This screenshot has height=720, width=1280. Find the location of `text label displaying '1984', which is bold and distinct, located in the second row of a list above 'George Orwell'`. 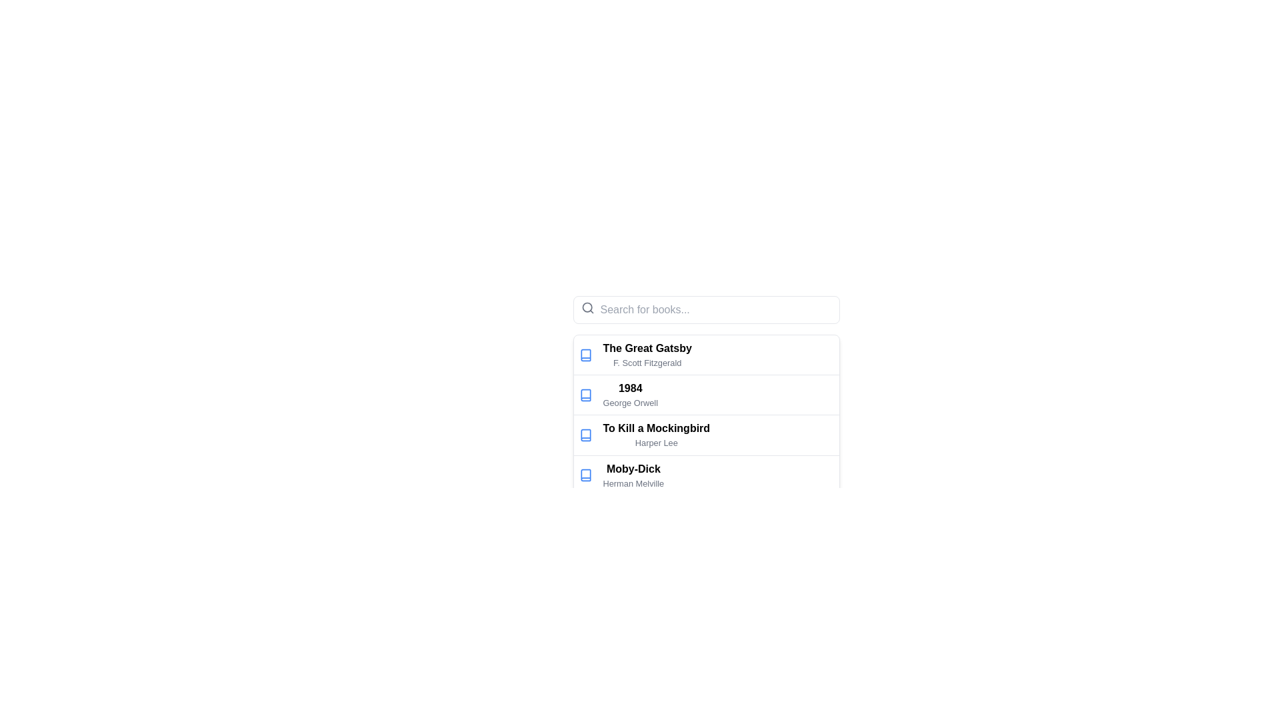

text label displaying '1984', which is bold and distinct, located in the second row of a list above 'George Orwell' is located at coordinates (629, 388).